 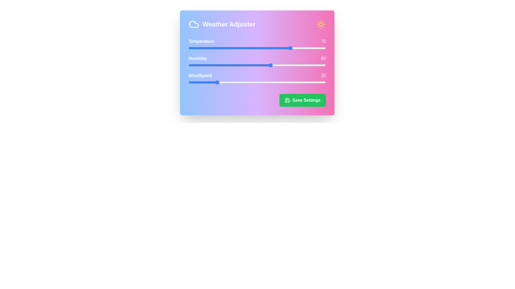 I want to click on the temperature slider, so click(x=276, y=48).